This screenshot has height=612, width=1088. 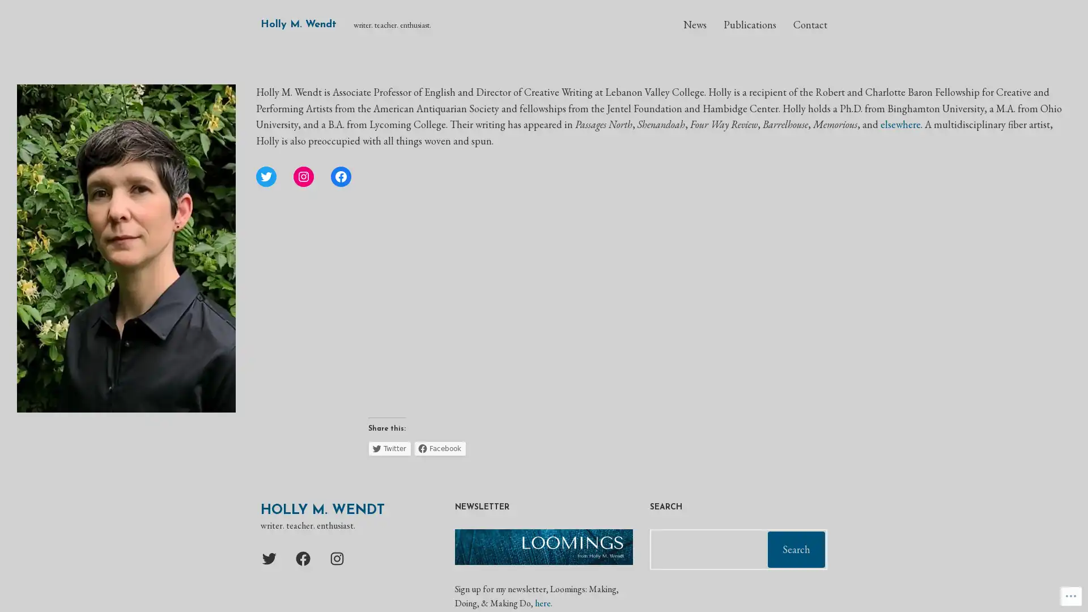 I want to click on Search, so click(x=796, y=548).